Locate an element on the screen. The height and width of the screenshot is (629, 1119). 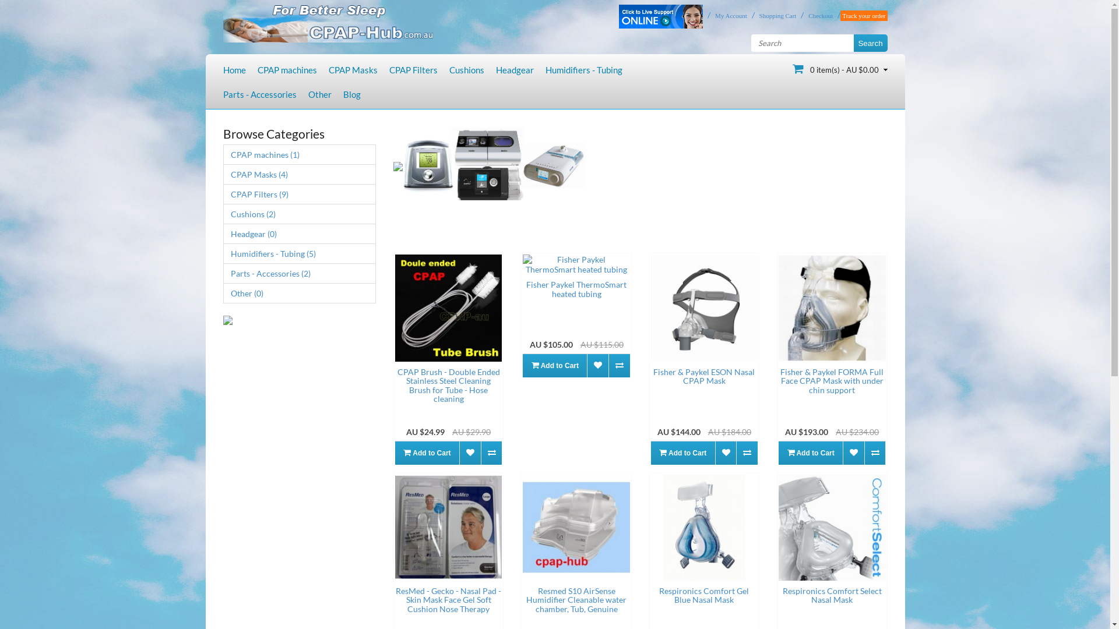
'Other (0)' is located at coordinates (299, 292).